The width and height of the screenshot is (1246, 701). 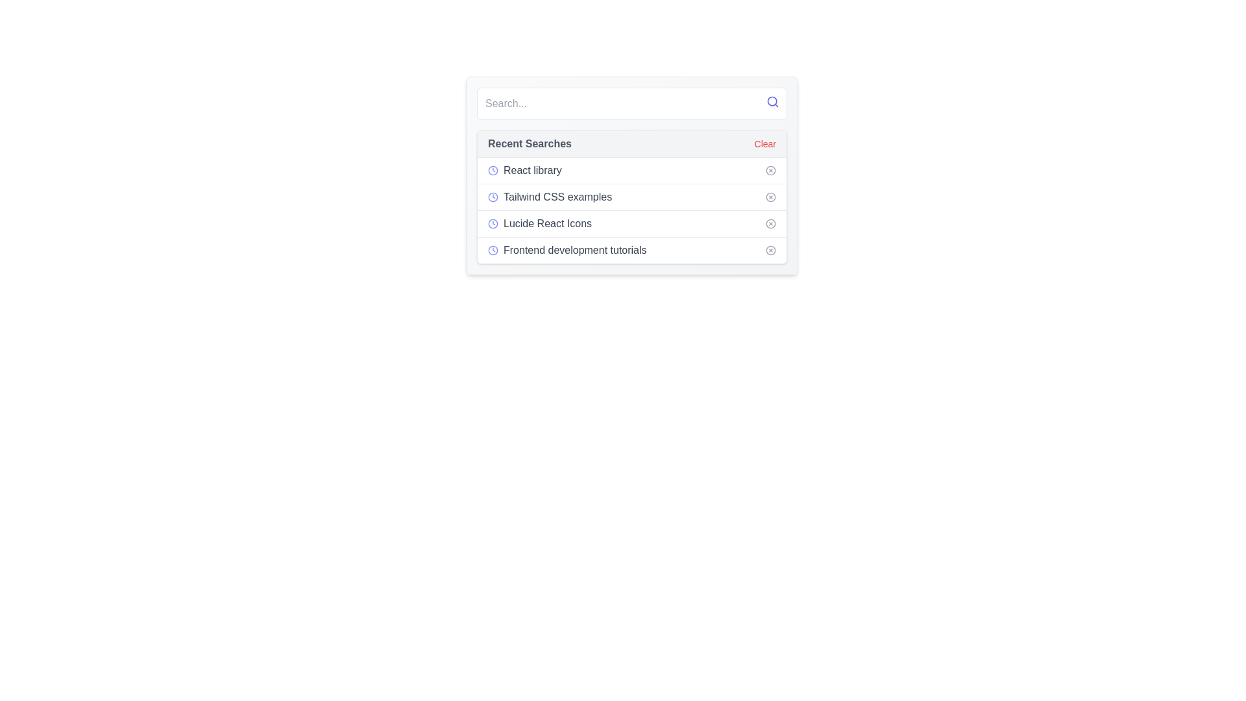 I want to click on the selectable search history item labeled 'Tailwind CSS examples' in the 'Recent Searches' dropdown to interact, so click(x=550, y=197).